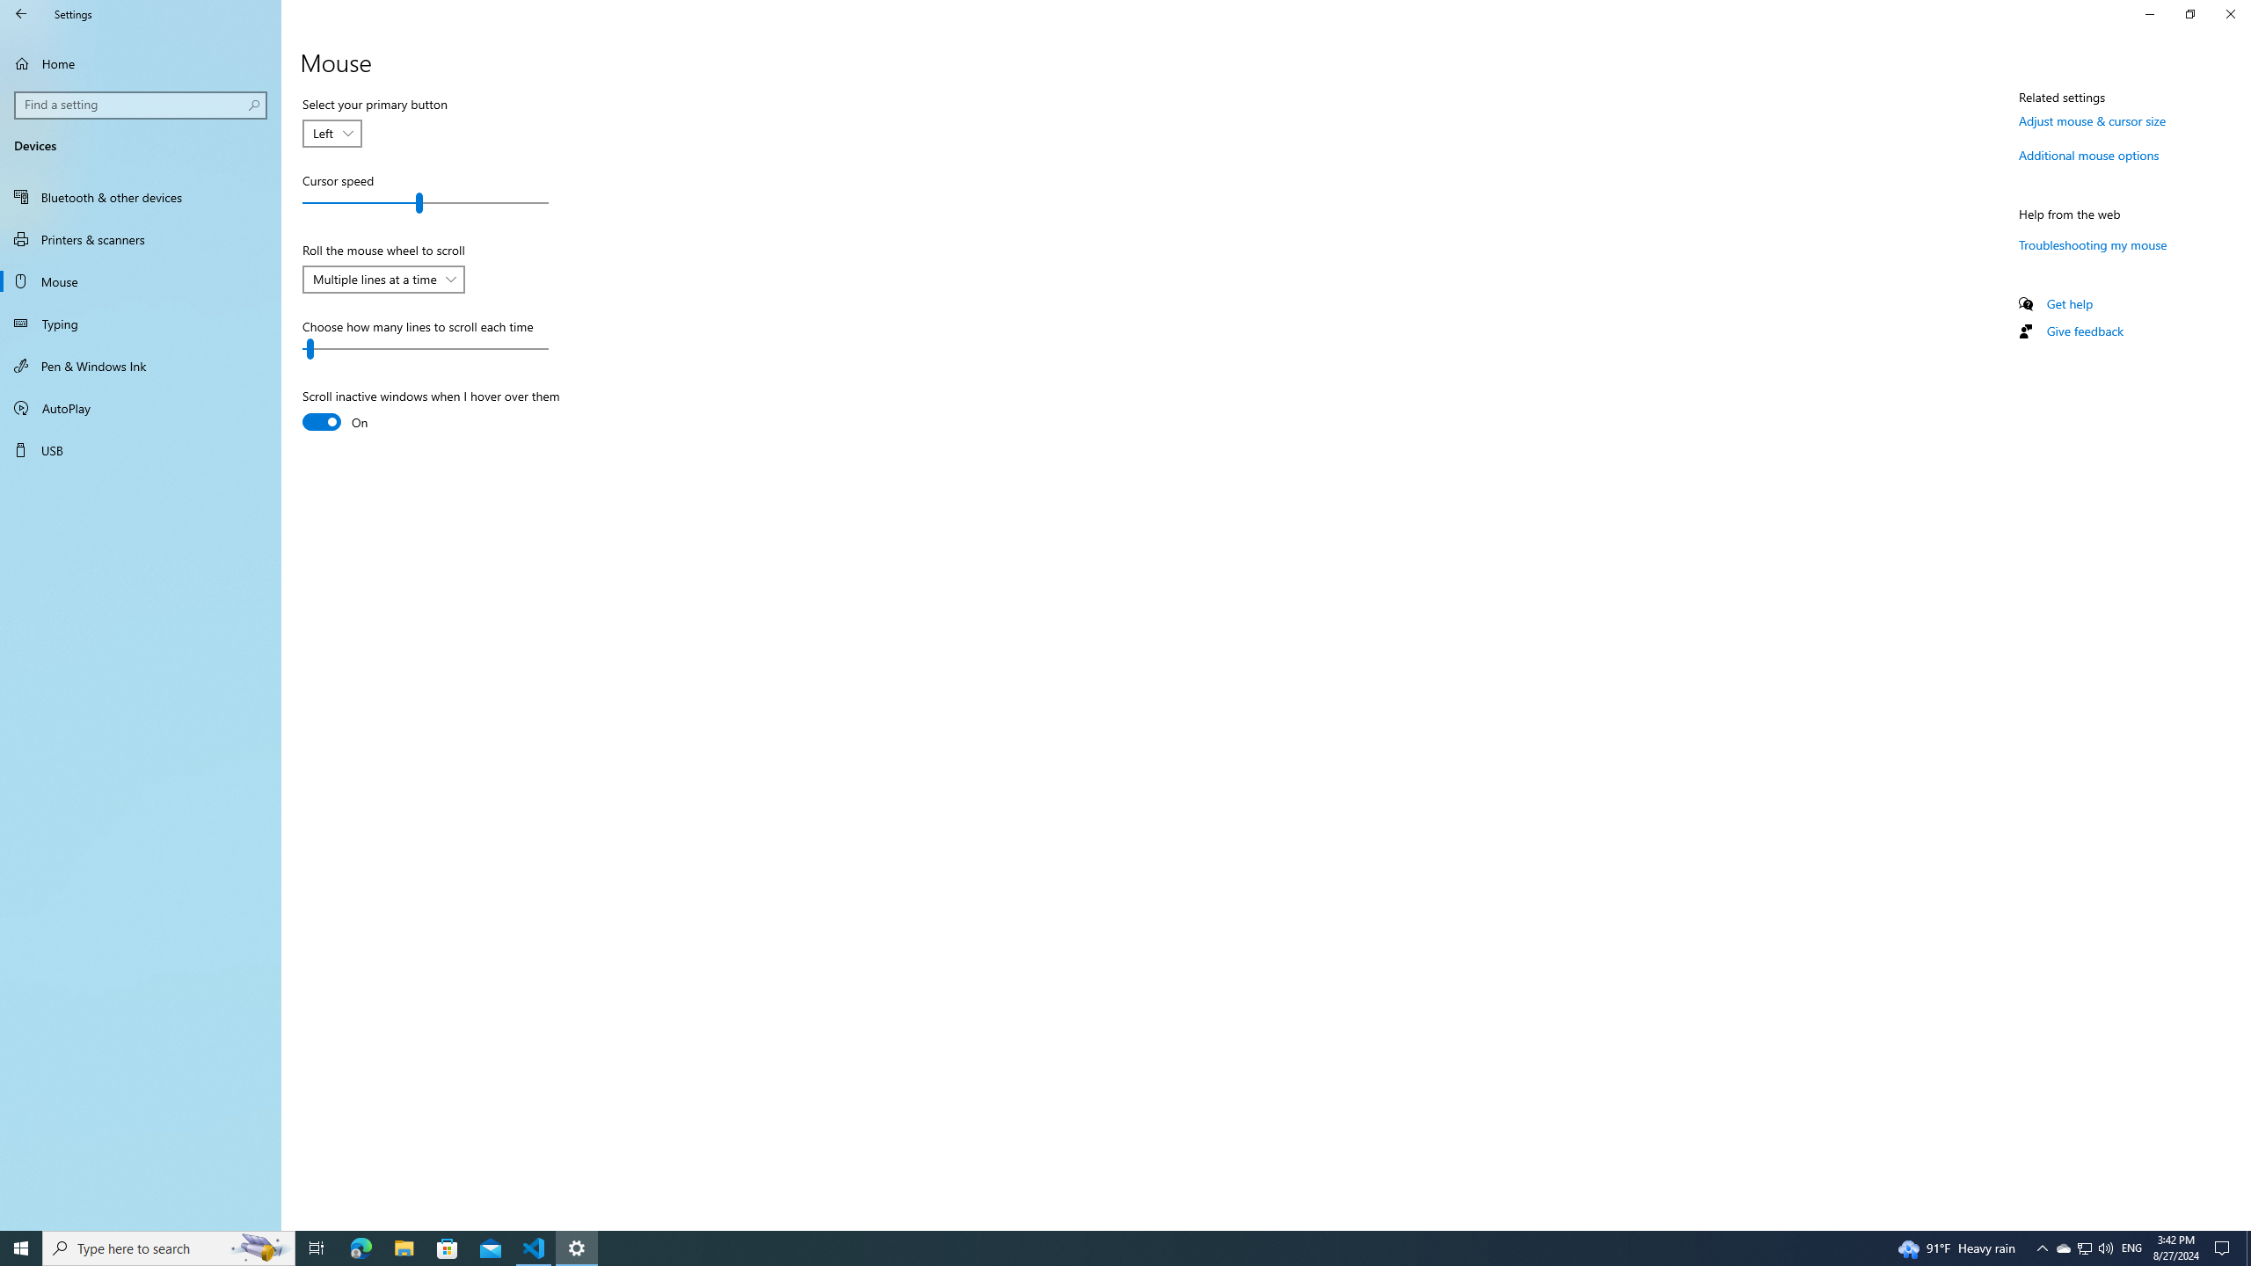  Describe the element at coordinates (140, 407) in the screenshot. I see `'AutoPlay'` at that location.